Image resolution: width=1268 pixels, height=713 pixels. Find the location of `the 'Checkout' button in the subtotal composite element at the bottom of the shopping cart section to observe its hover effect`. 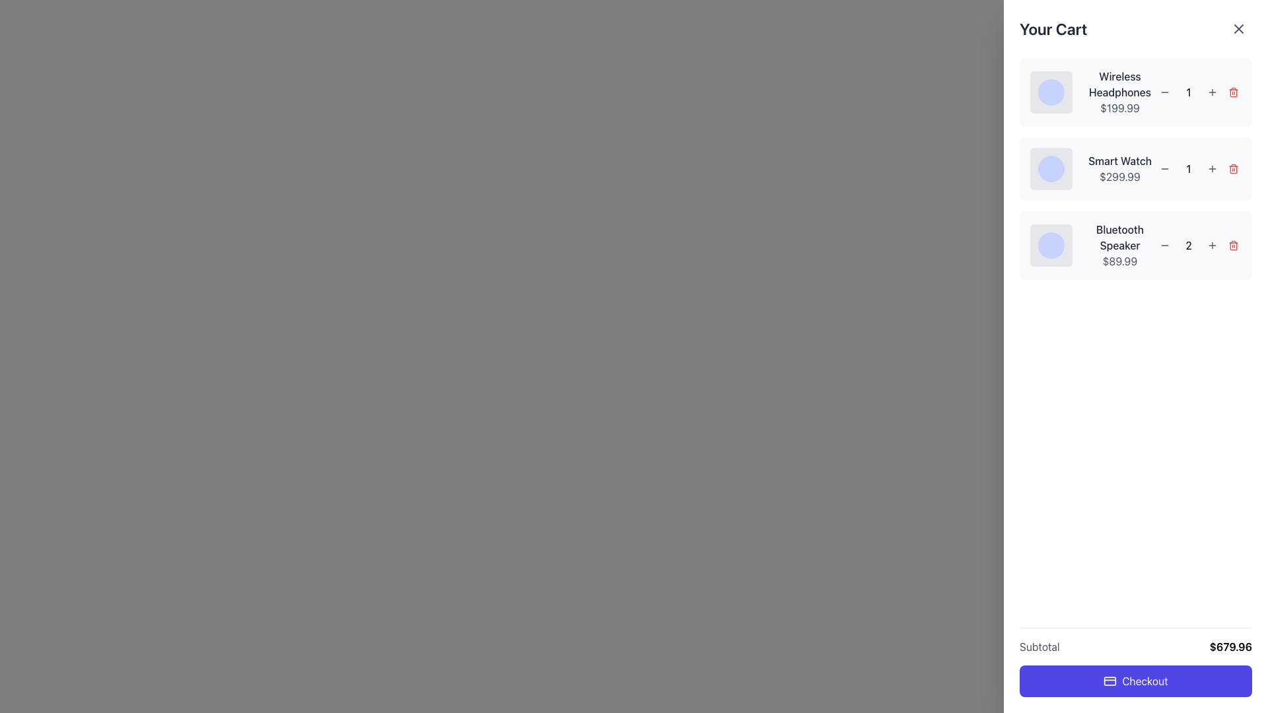

the 'Checkout' button in the subtotal composite element at the bottom of the shopping cart section to observe its hover effect is located at coordinates (1135, 662).